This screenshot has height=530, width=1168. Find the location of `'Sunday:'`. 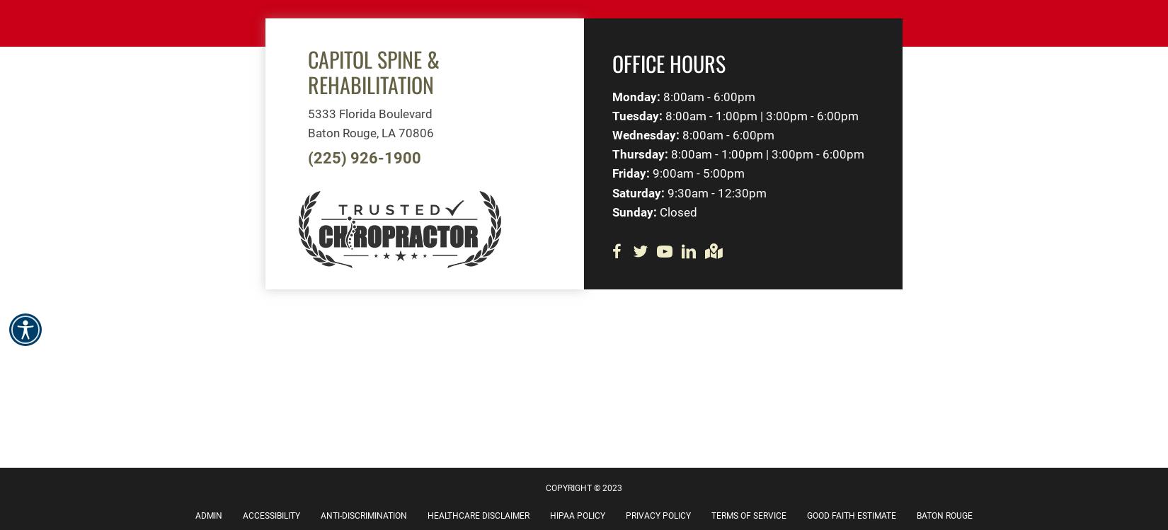

'Sunday:' is located at coordinates (634, 211).